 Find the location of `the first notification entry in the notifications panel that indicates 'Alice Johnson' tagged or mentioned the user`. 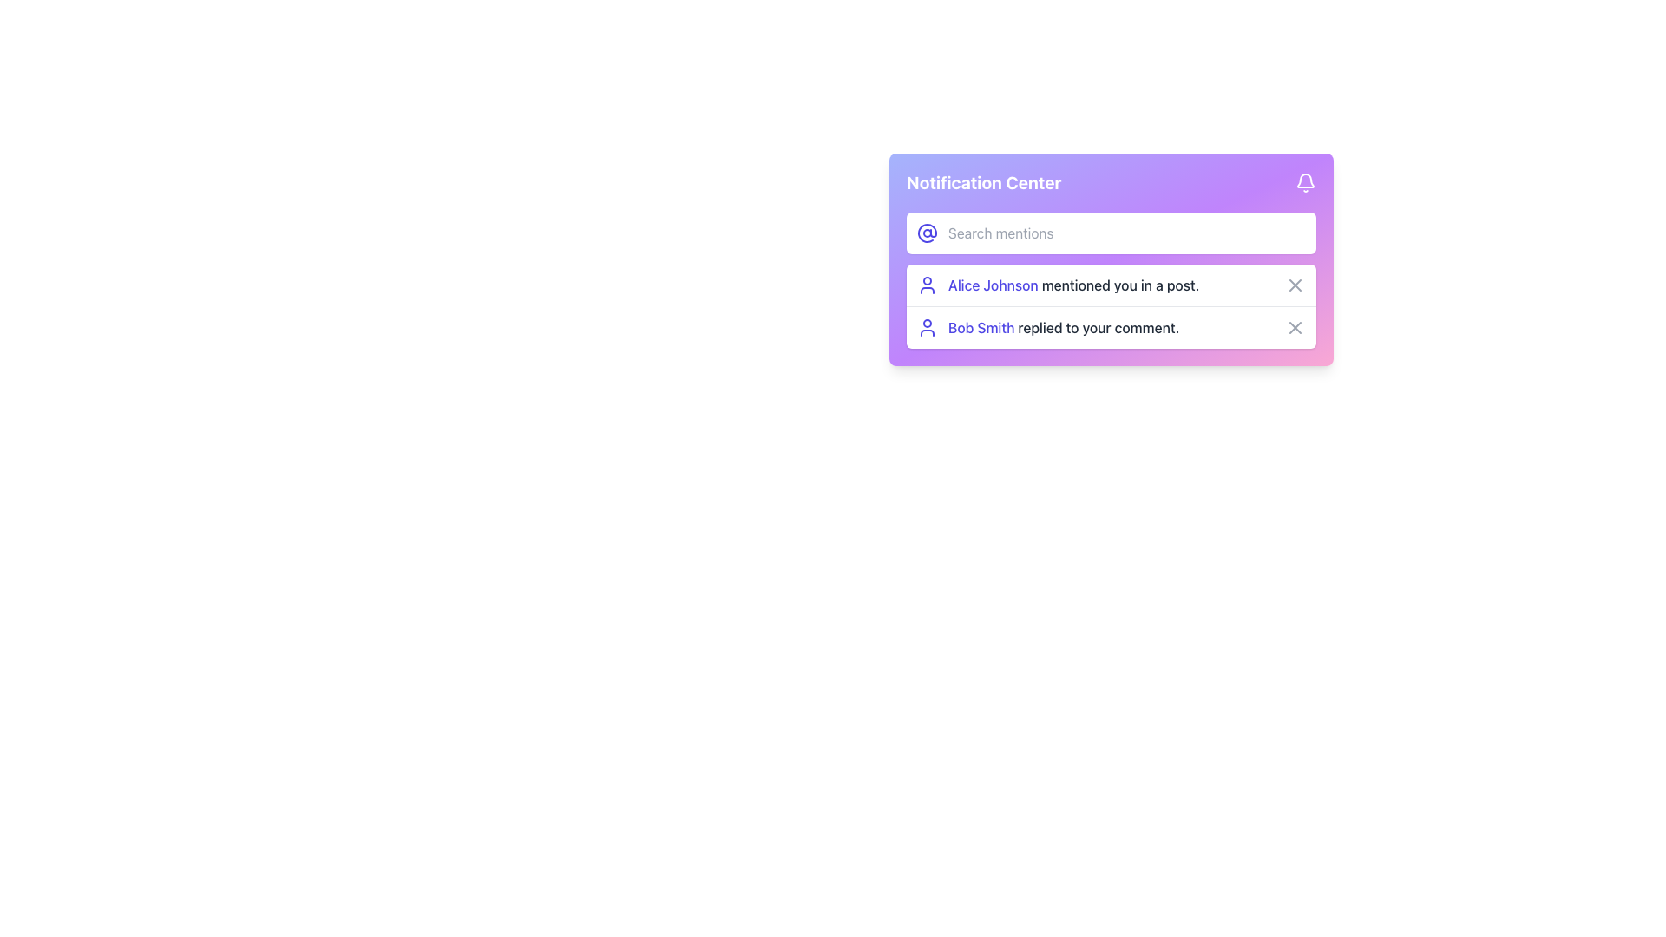

the first notification entry in the notifications panel that indicates 'Alice Johnson' tagged or mentioned the user is located at coordinates (1112, 284).